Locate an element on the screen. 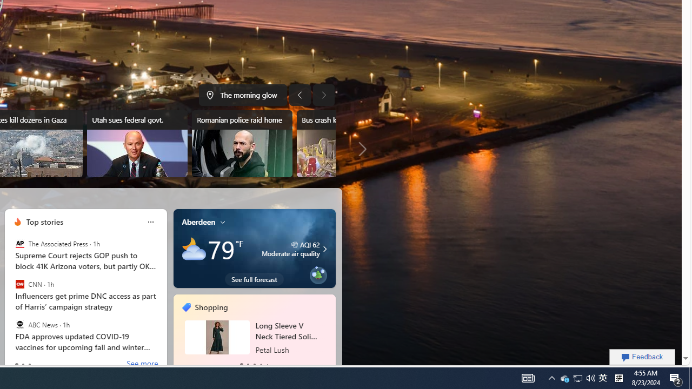 This screenshot has height=389, width=692. 'Moderate air quality' is located at coordinates (323, 249).